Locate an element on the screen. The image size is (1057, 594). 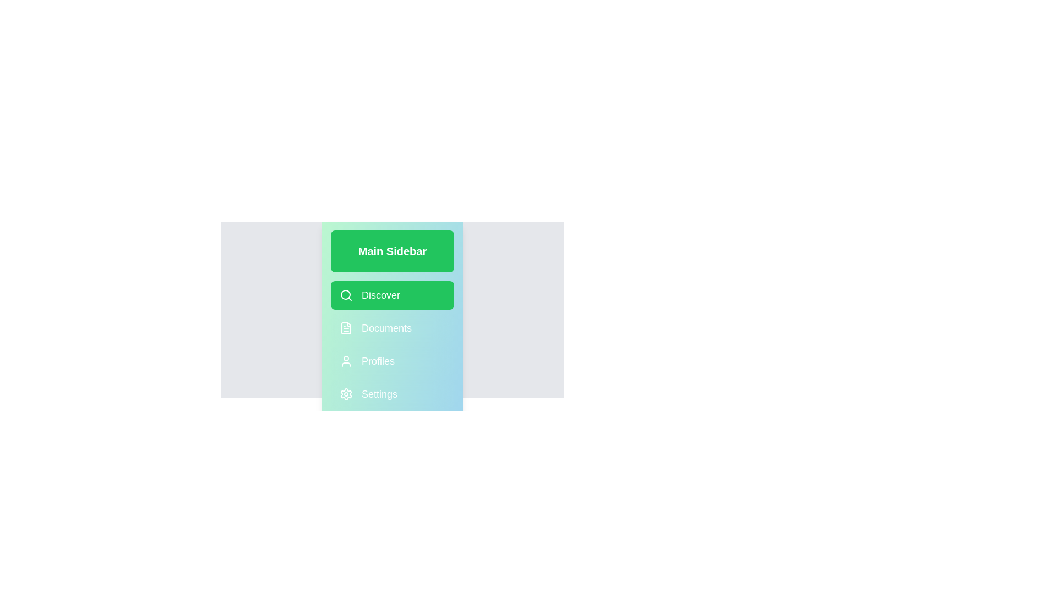
the 'Discover' button in the sidebar menu, which is a green rectangular button with rounded corners and contains a magnifying glass icon is located at coordinates (393, 310).